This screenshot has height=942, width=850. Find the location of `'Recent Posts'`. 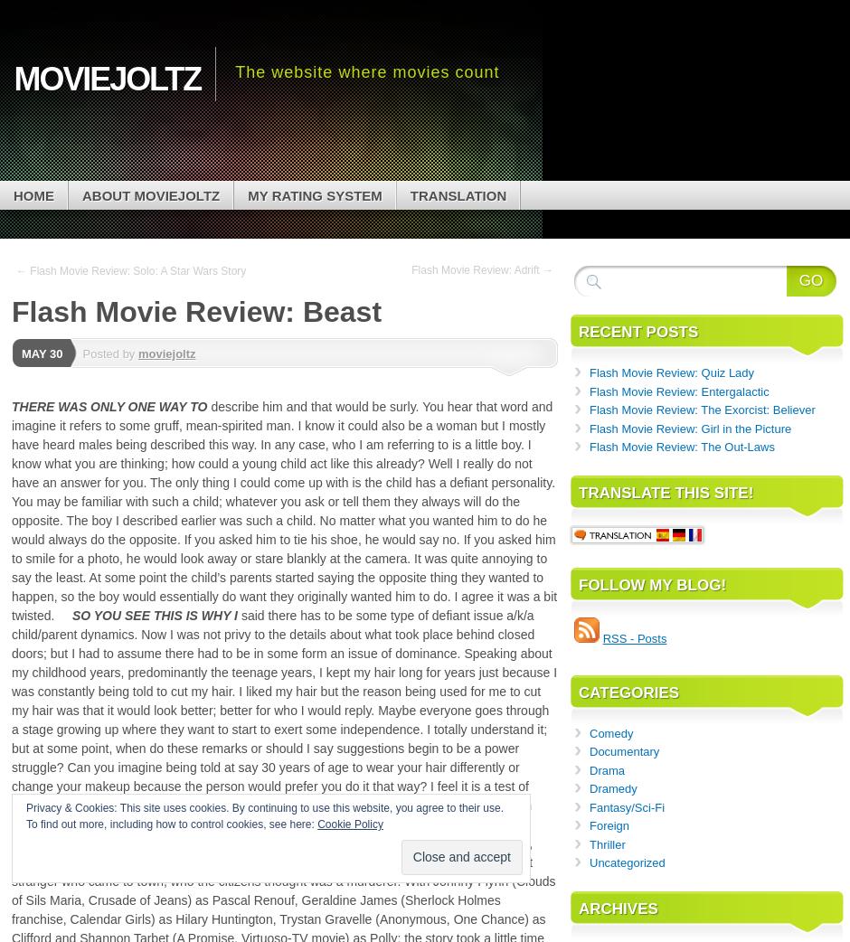

'Recent Posts' is located at coordinates (579, 331).